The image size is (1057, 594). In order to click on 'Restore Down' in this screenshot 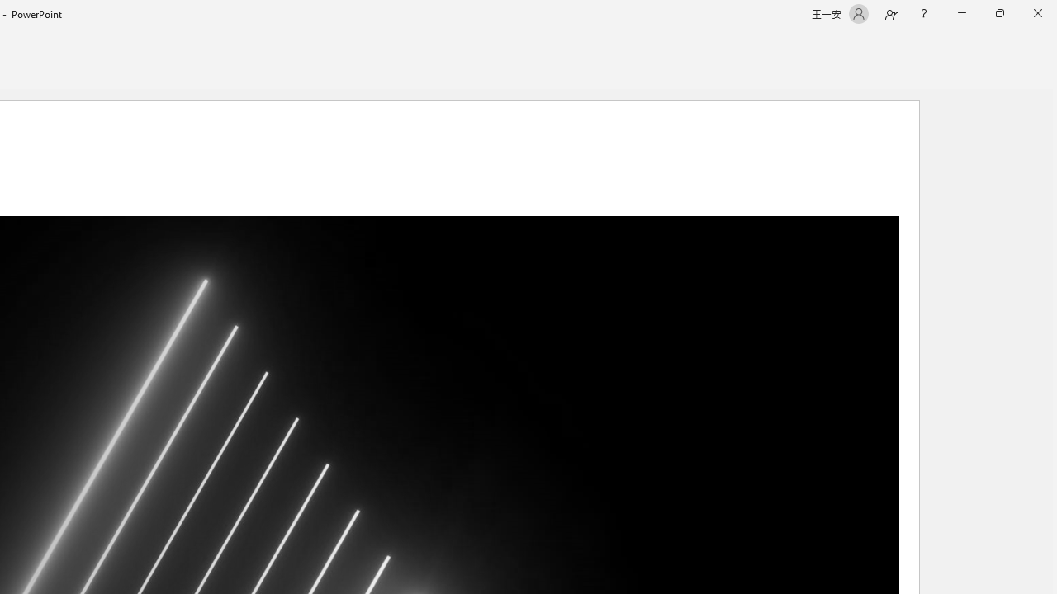, I will do `click(998, 13)`.